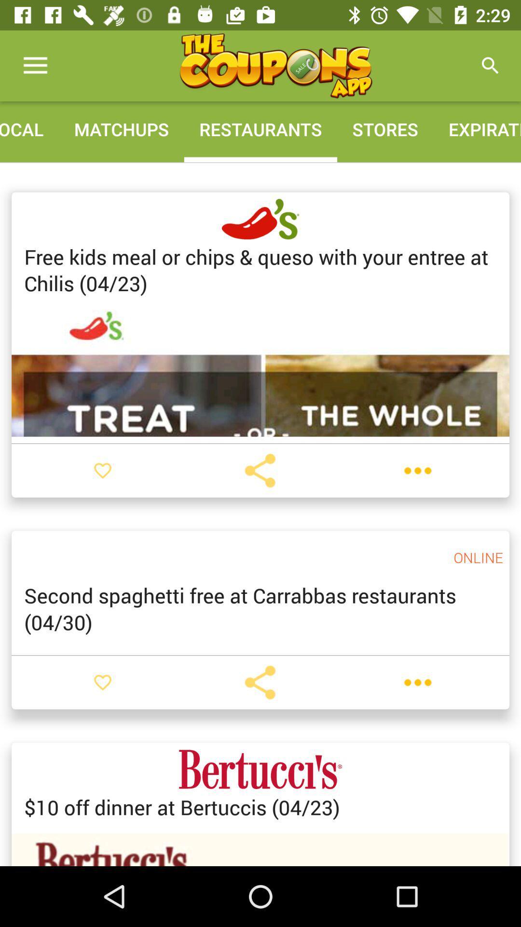 Image resolution: width=521 pixels, height=927 pixels. I want to click on app, so click(275, 65).